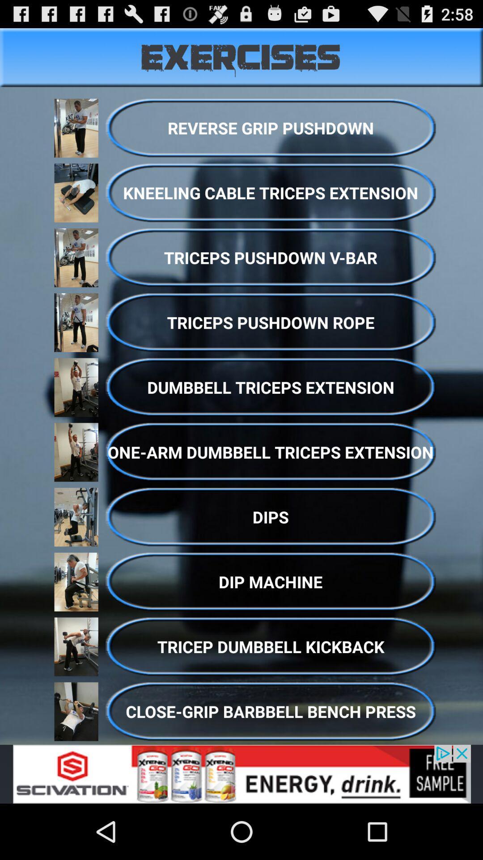 The width and height of the screenshot is (483, 860). Describe the element at coordinates (241, 774) in the screenshot. I see `advertisement page` at that location.